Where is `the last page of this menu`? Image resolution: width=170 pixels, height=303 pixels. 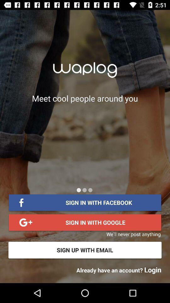
the last page of this menu is located at coordinates (90, 190).